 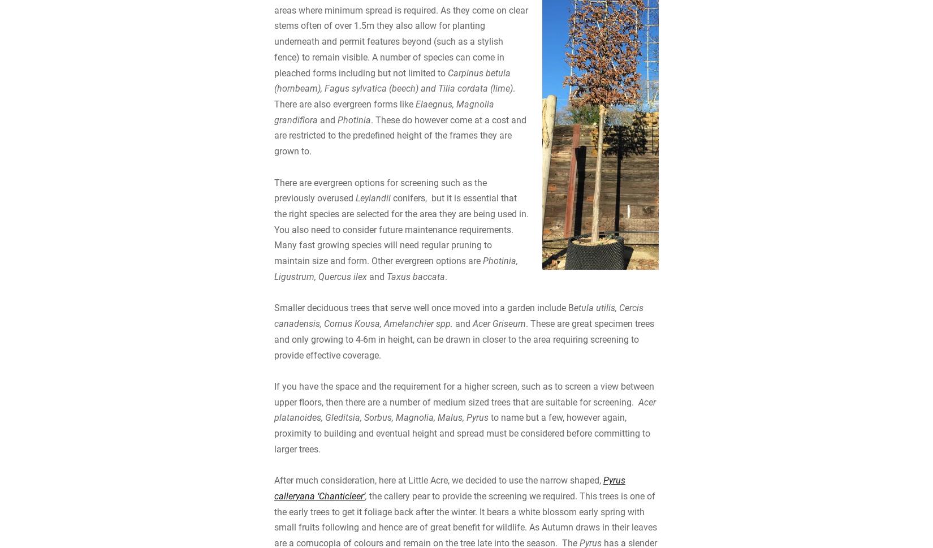 I want to click on 'Acer Griseum', so click(x=499, y=416).